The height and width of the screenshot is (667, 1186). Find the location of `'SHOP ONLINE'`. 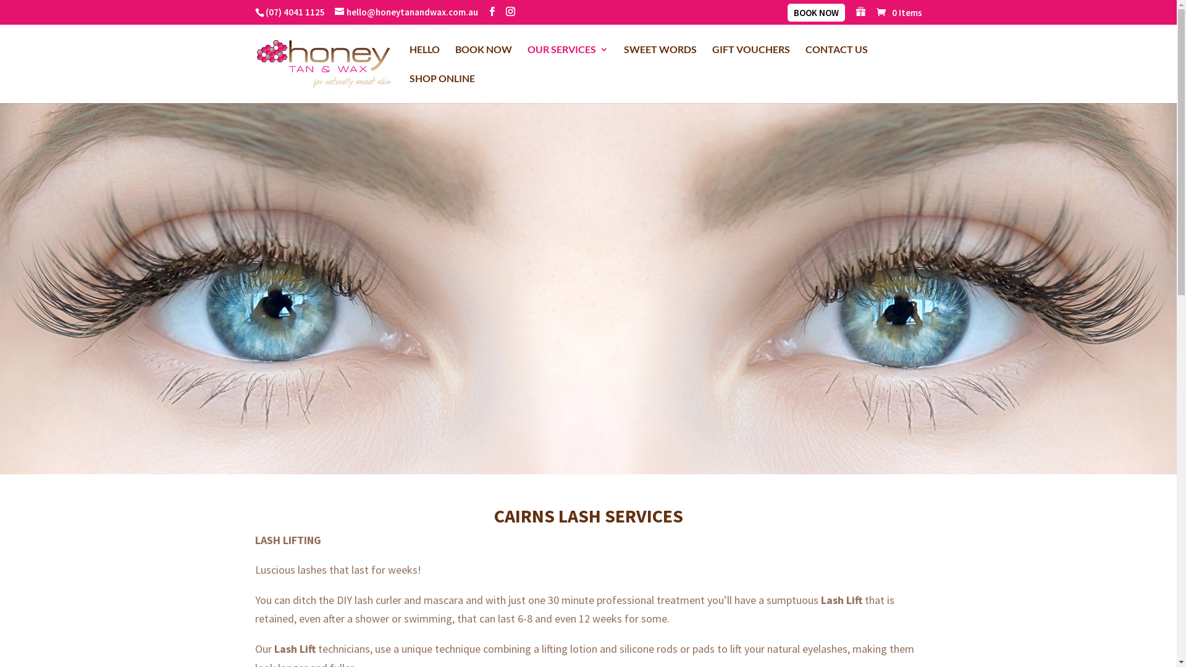

'SHOP ONLINE' is located at coordinates (442, 88).